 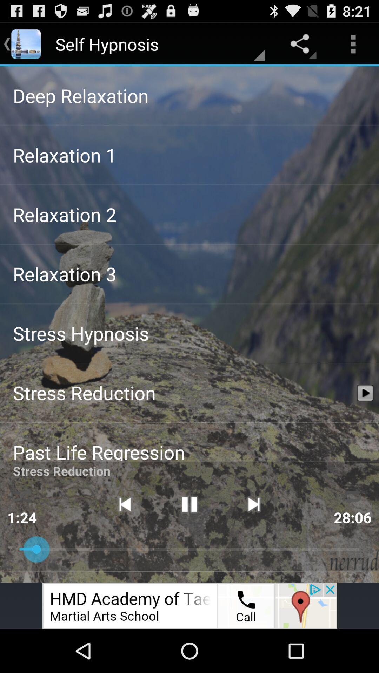 I want to click on advertisement, so click(x=189, y=605).